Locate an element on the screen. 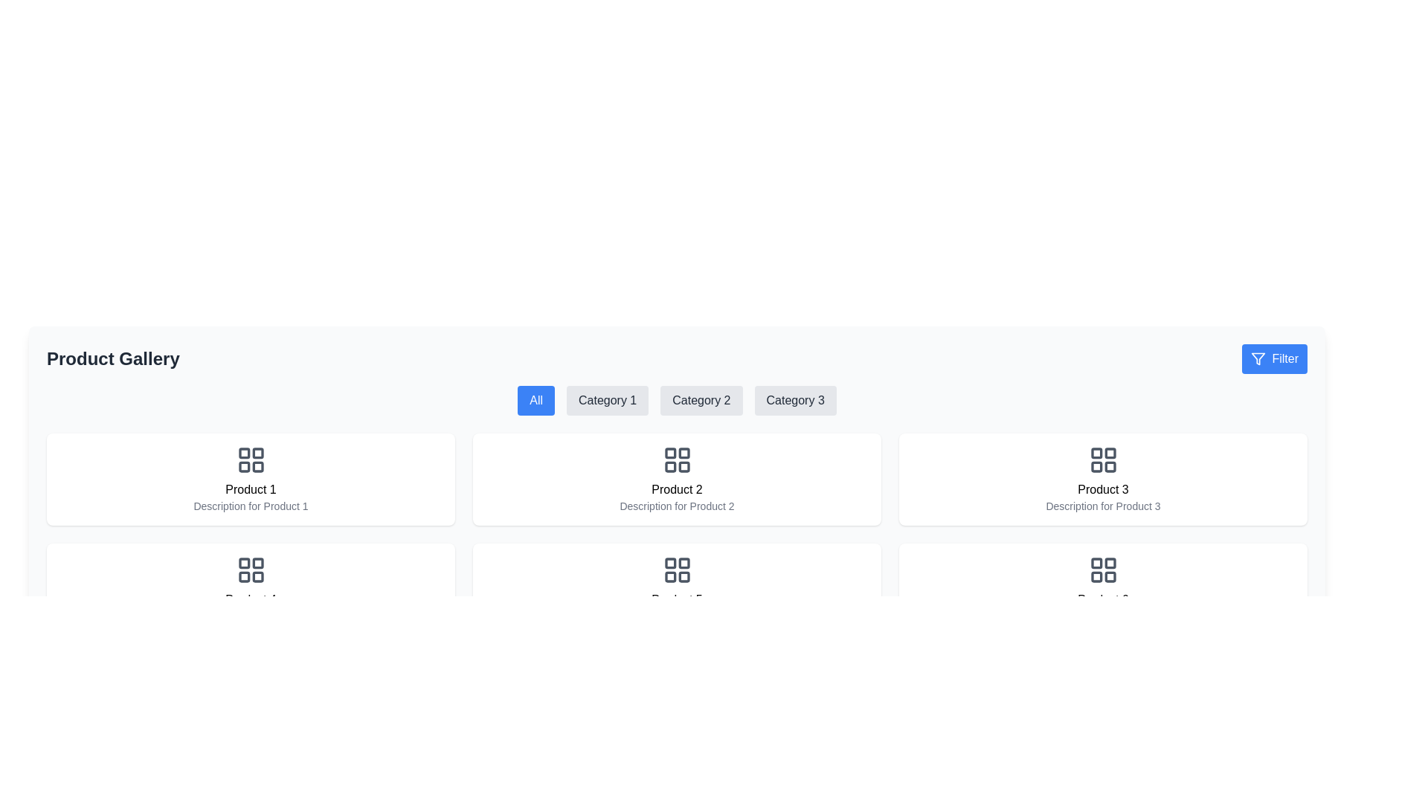  the second square in the top row of the 2x2 grid representing 'Product 3', which has rounded corners and is part of the icon component is located at coordinates (1110, 452).